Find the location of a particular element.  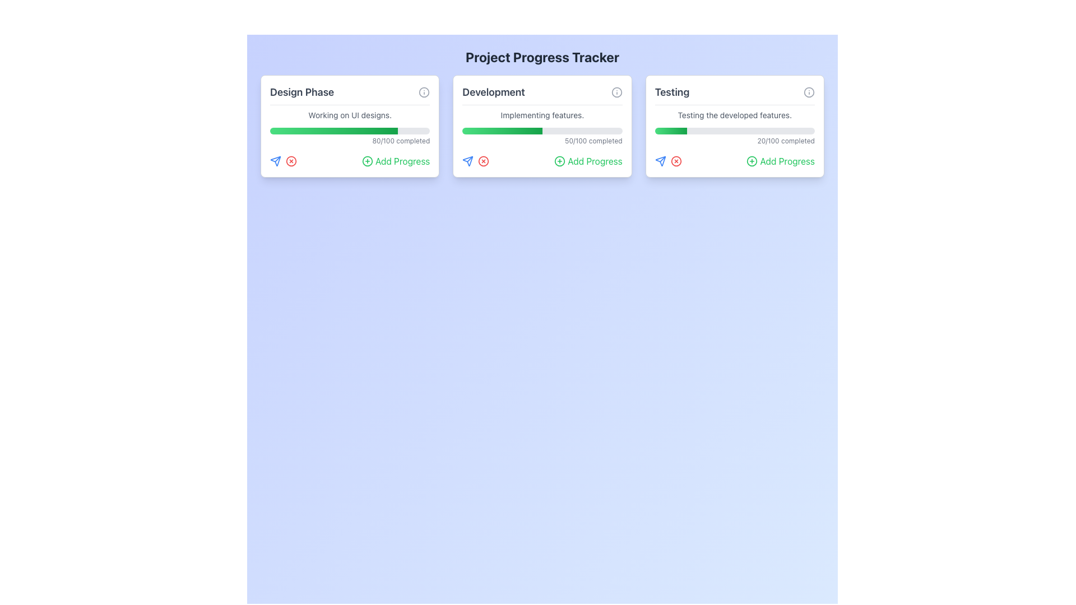

the cancel icon located in the bottom row of the 'Testing' card within the 'Project Progress Tracker' interface is located at coordinates (675, 161).